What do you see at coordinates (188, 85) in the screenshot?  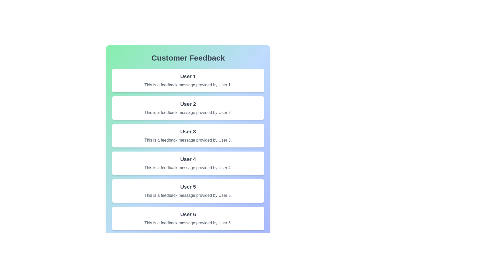 I see `feedback message displayed in gray text that states 'This is a feedback message provided by User 1.', located directly below the name 'User 1' in the first feedback card` at bounding box center [188, 85].